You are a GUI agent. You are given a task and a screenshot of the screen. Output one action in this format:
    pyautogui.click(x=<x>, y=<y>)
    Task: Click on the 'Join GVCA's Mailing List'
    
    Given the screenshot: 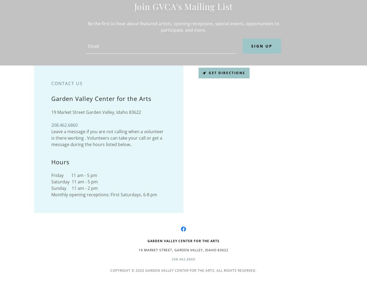 What is the action you would take?
    pyautogui.click(x=183, y=6)
    